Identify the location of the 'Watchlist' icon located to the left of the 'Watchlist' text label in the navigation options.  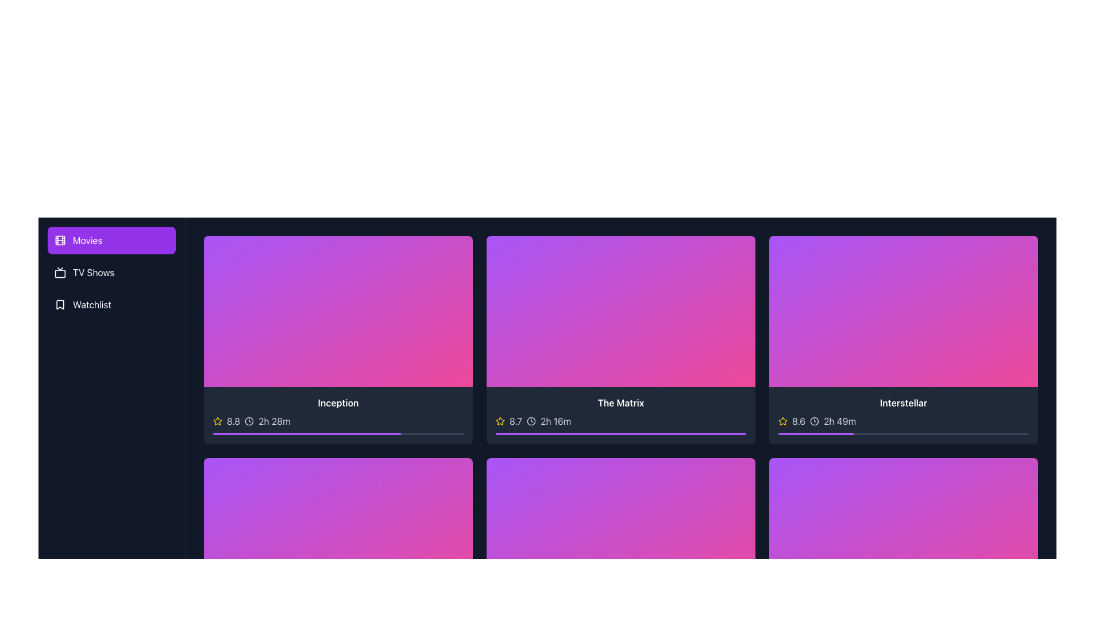
(60, 304).